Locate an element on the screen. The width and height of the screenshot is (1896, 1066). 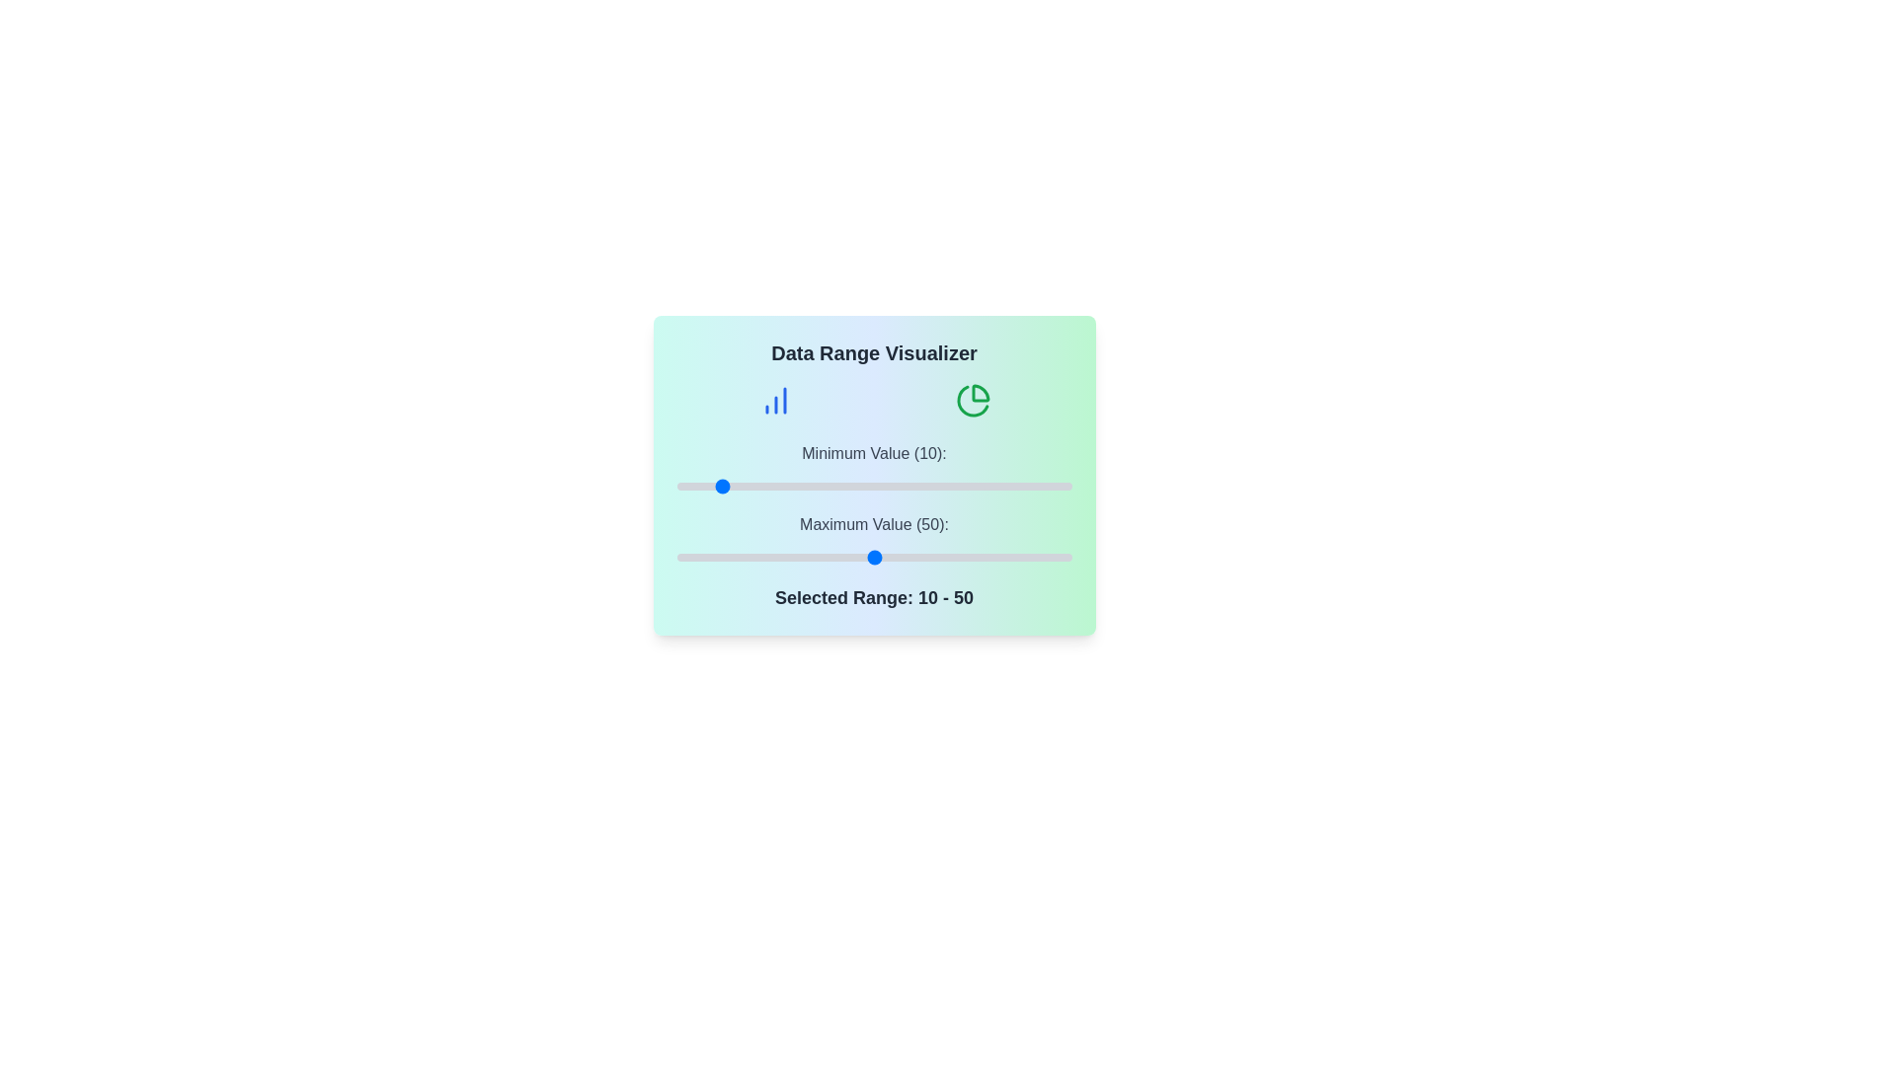
the minimum value slider to 41 is located at coordinates (838, 487).